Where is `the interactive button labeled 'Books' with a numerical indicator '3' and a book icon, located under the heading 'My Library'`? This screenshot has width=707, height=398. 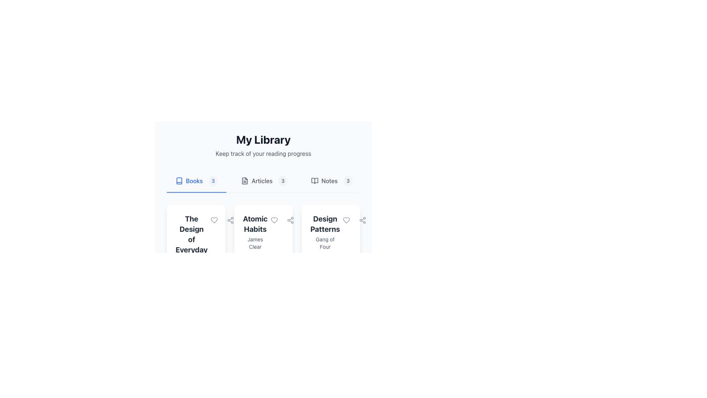
the interactive button labeled 'Books' with a numerical indicator '3' and a book icon, located under the heading 'My Library' is located at coordinates (197, 181).